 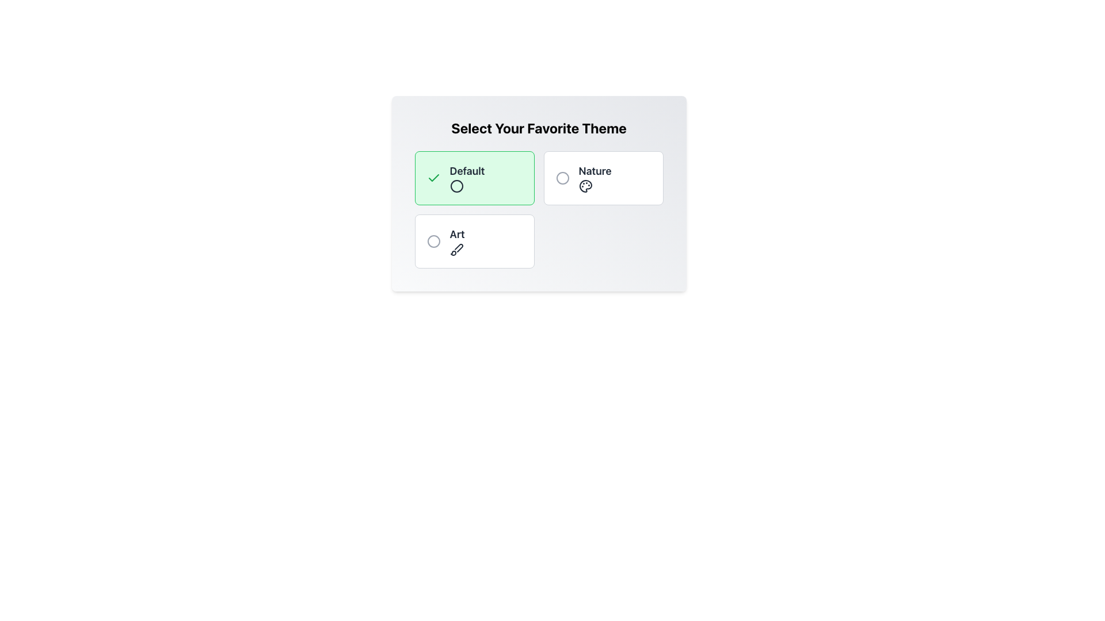 What do you see at coordinates (595, 186) in the screenshot?
I see `properties of the painter's palette icon, which represents the 'Nature' theme, located under the text 'Select Your Favorite Theme' in the theme selection UI` at bounding box center [595, 186].